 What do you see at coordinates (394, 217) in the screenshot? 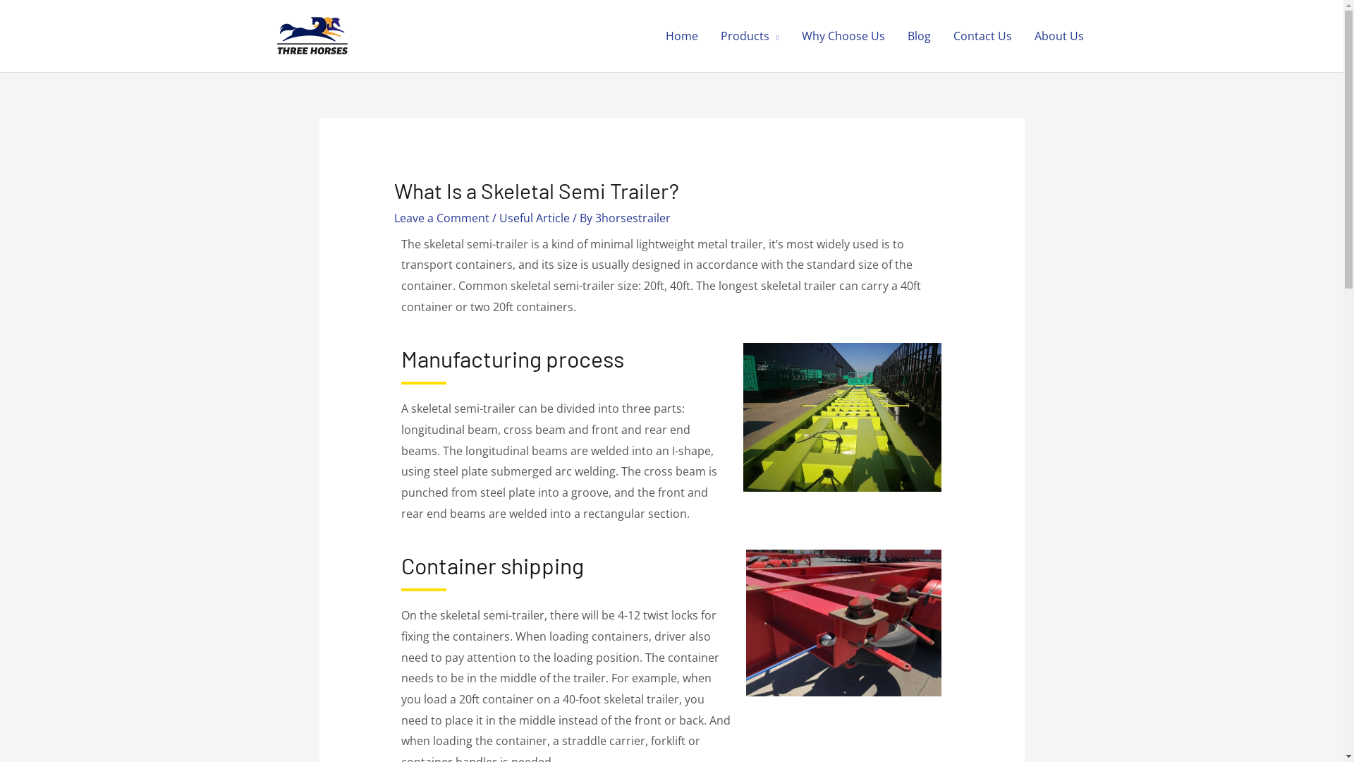
I see `'Leave a Comment'` at bounding box center [394, 217].